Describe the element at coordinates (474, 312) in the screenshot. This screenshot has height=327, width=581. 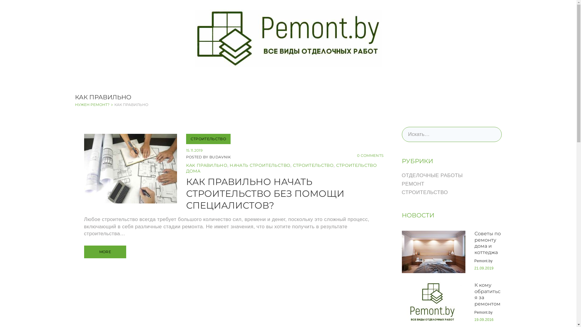
I see `'Pemont.by'` at that location.